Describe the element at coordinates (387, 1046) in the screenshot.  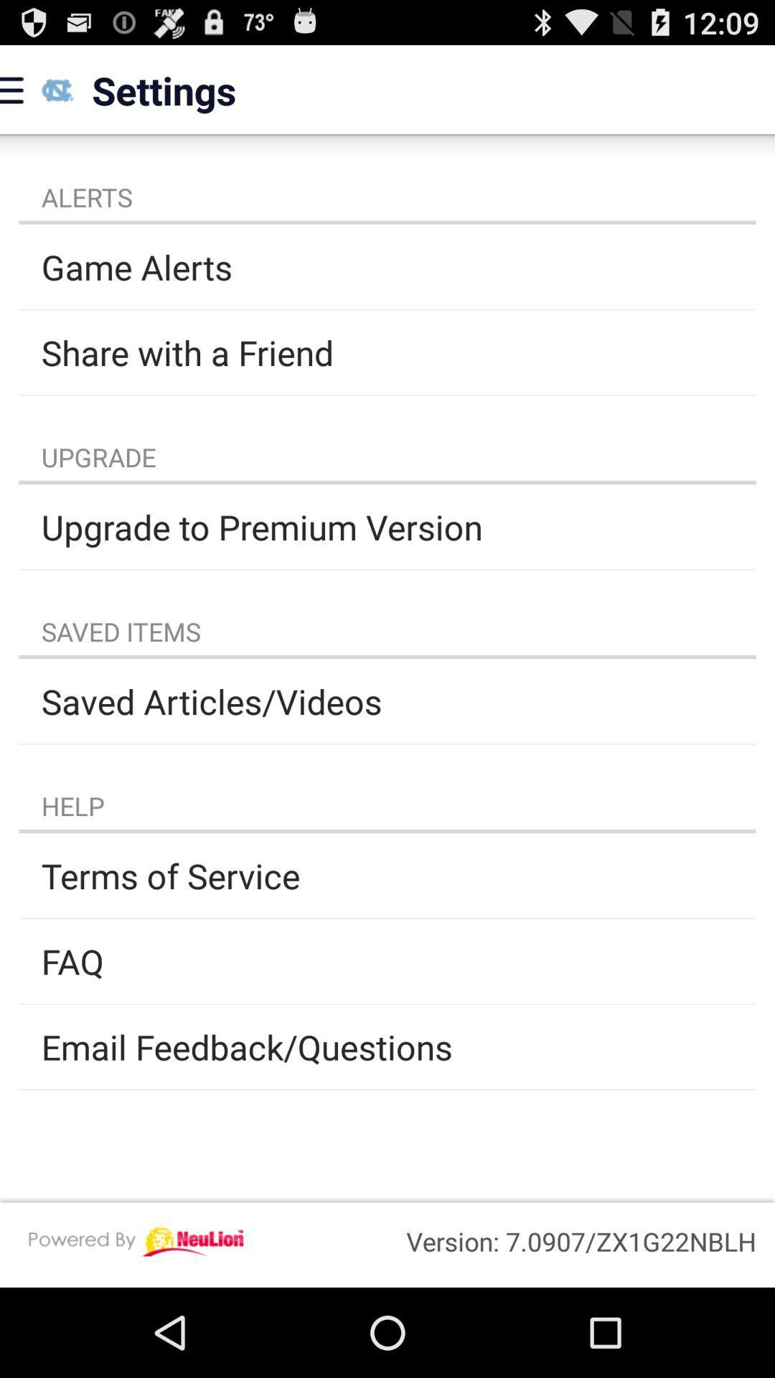
I see `email feedback/questions app` at that location.